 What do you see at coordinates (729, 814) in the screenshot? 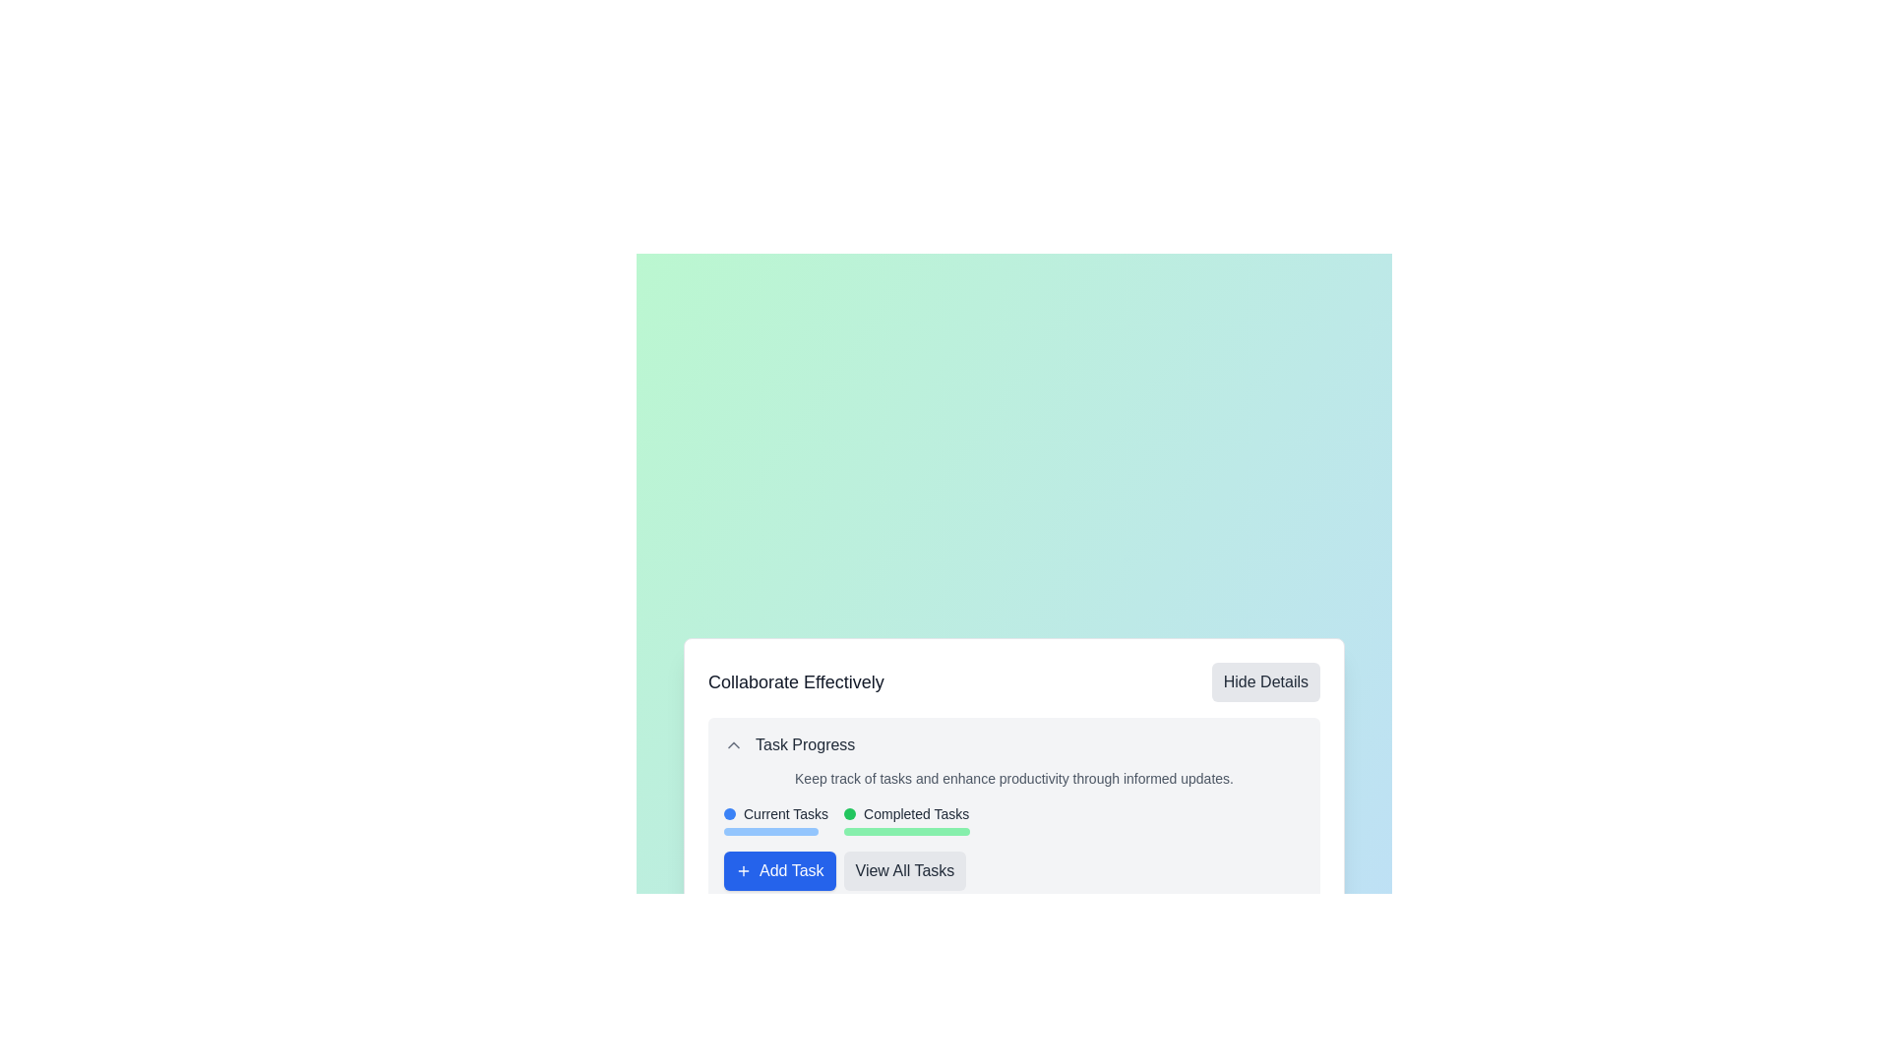
I see `small circular blue icon located to the left of the 'Current Tasks' label for styling or attributes` at bounding box center [729, 814].